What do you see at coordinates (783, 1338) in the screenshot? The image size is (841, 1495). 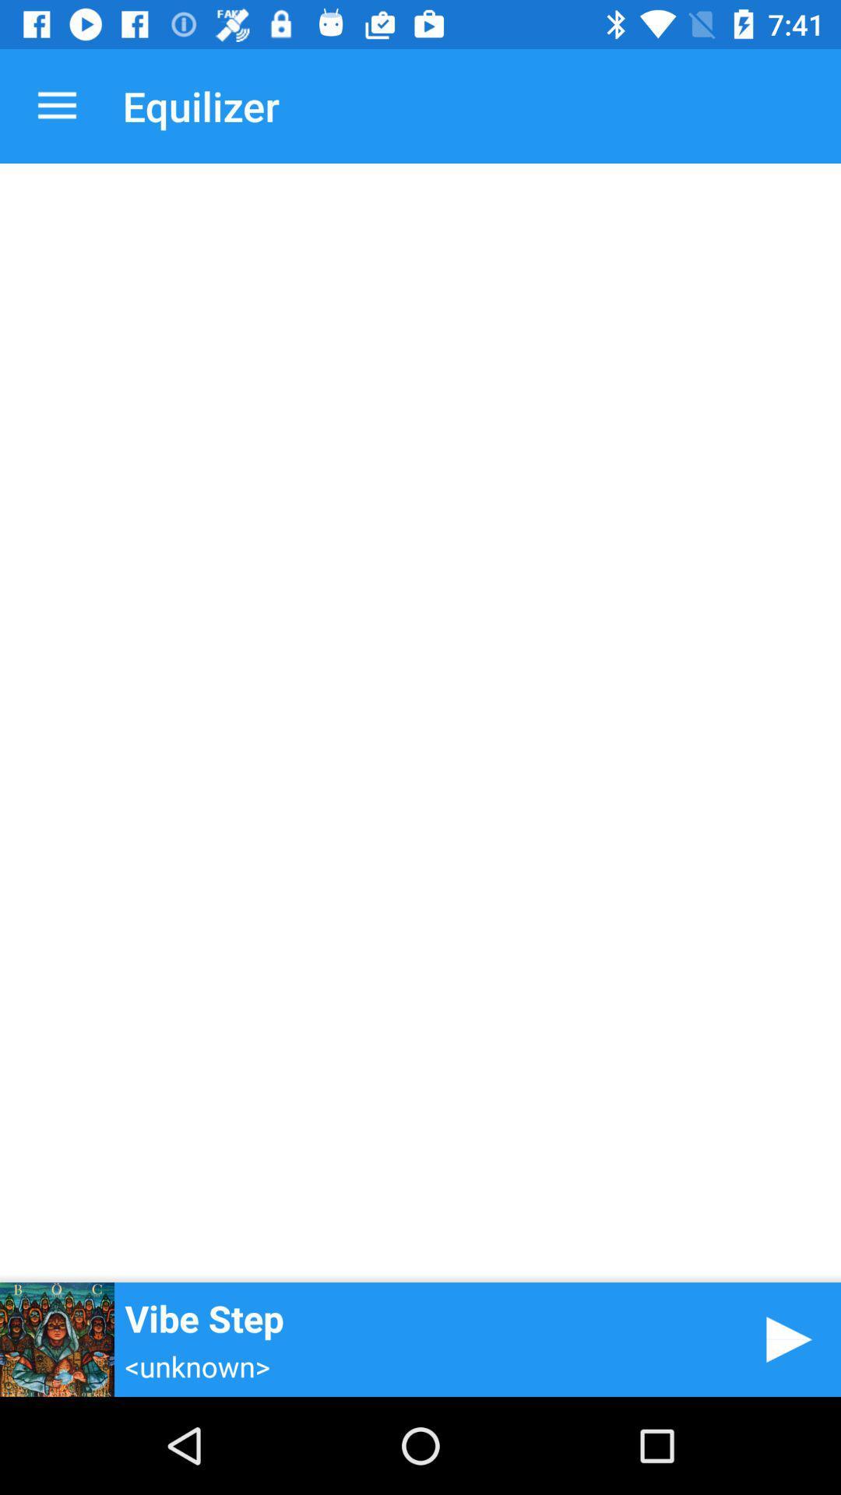 I see `video` at bounding box center [783, 1338].